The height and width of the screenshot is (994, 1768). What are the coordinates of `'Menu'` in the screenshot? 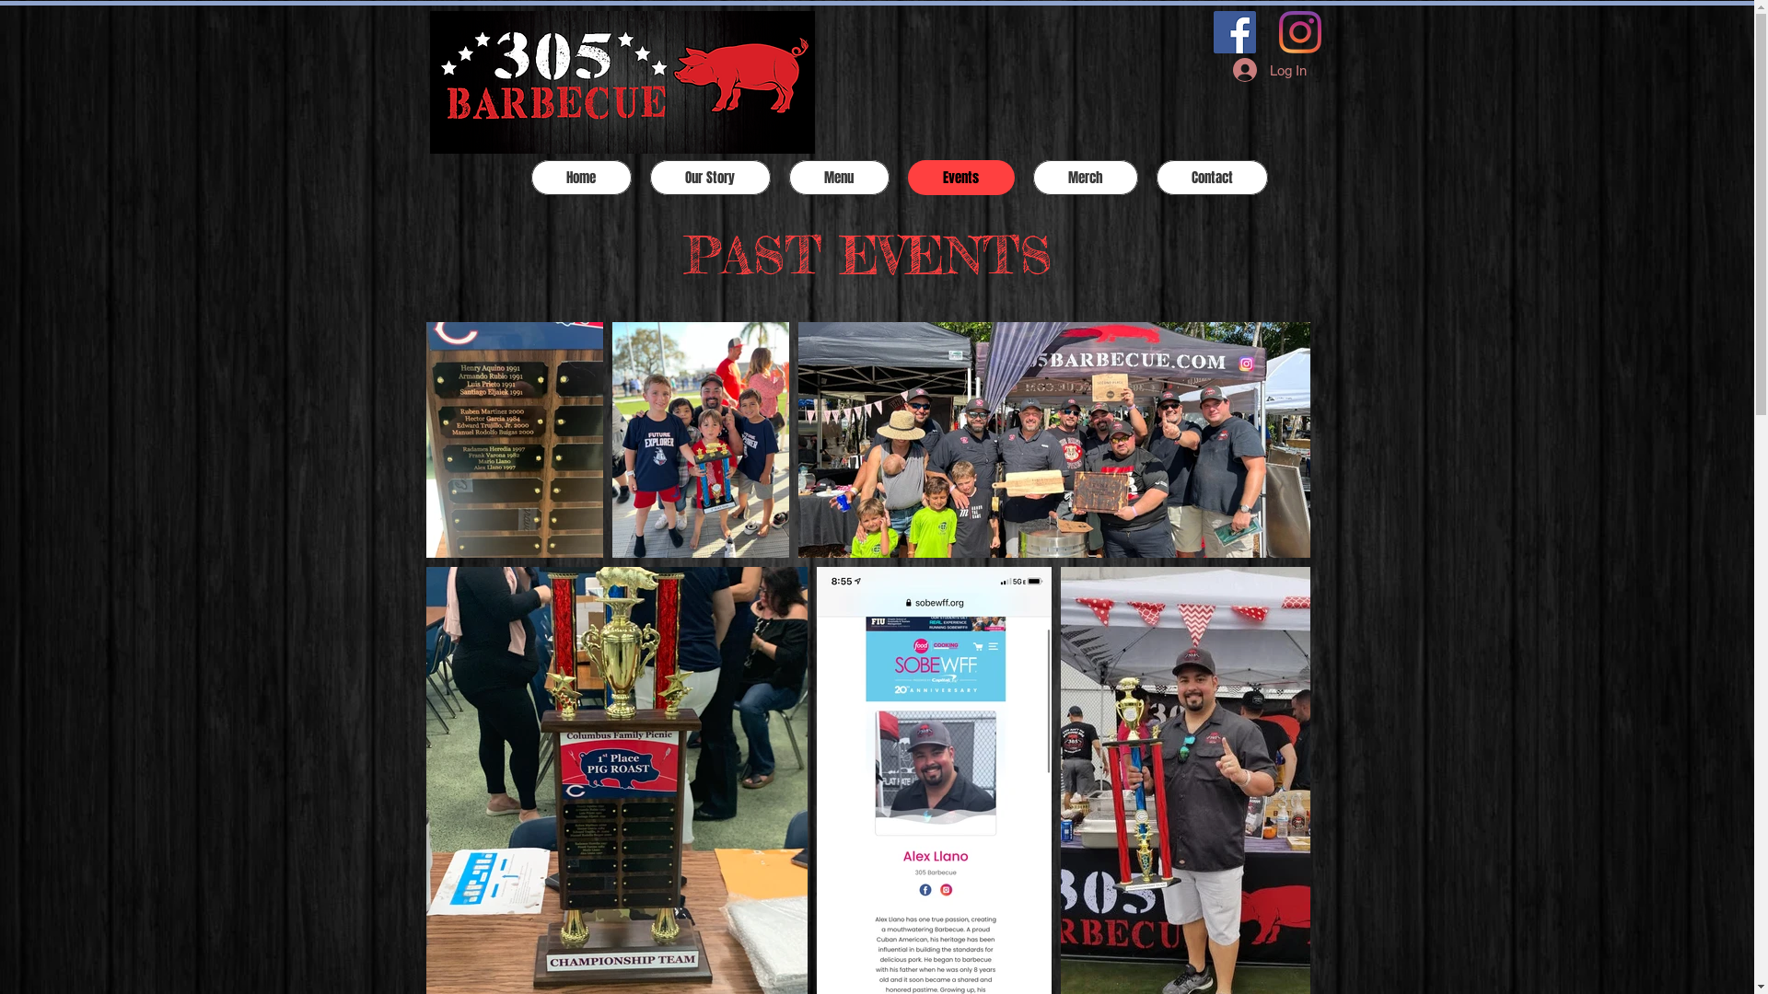 It's located at (837, 177).